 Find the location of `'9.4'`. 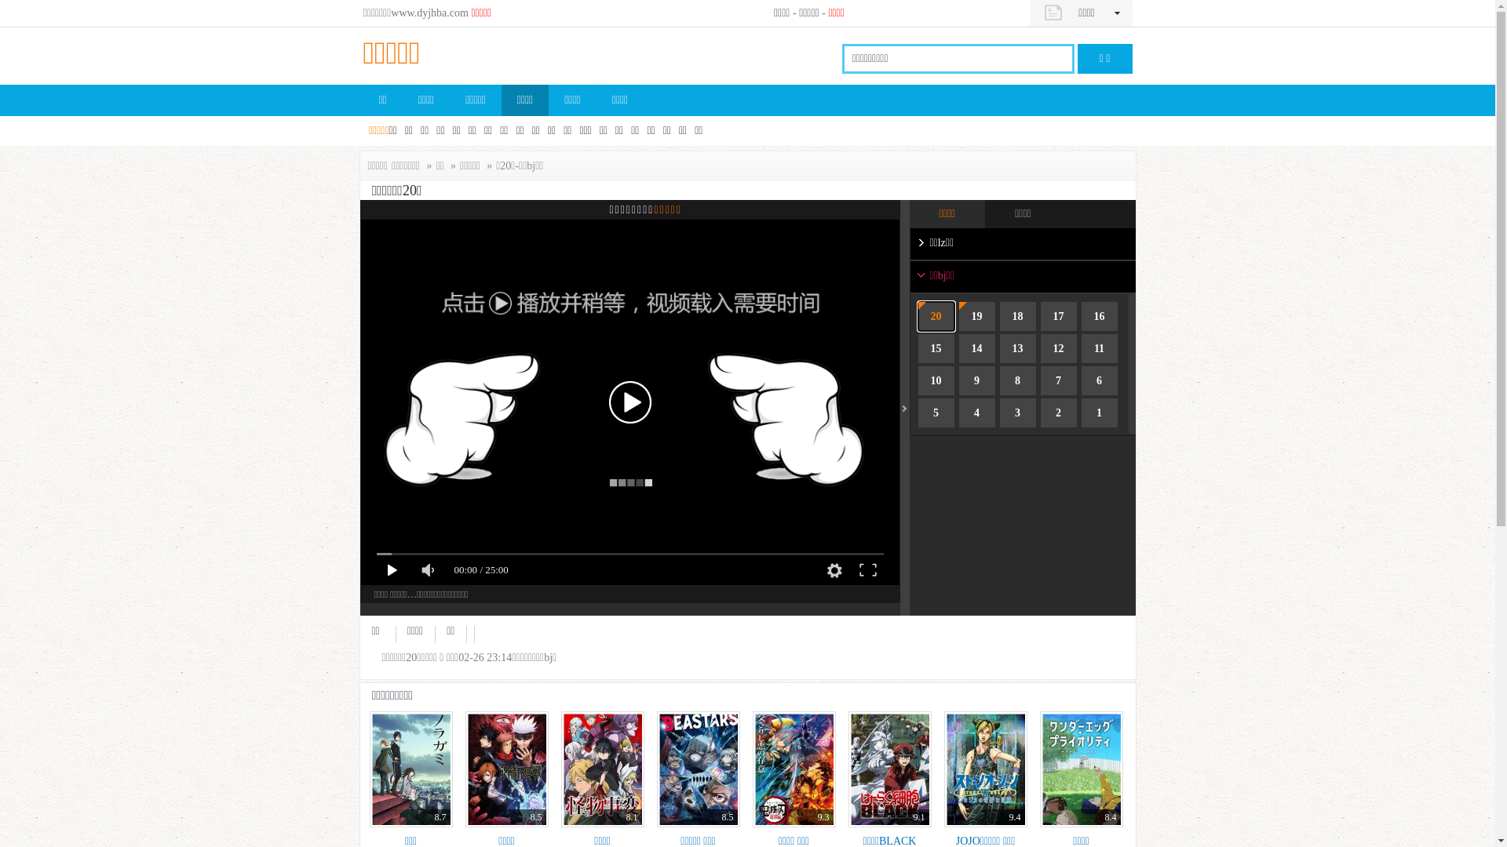

'9.4' is located at coordinates (983, 768).